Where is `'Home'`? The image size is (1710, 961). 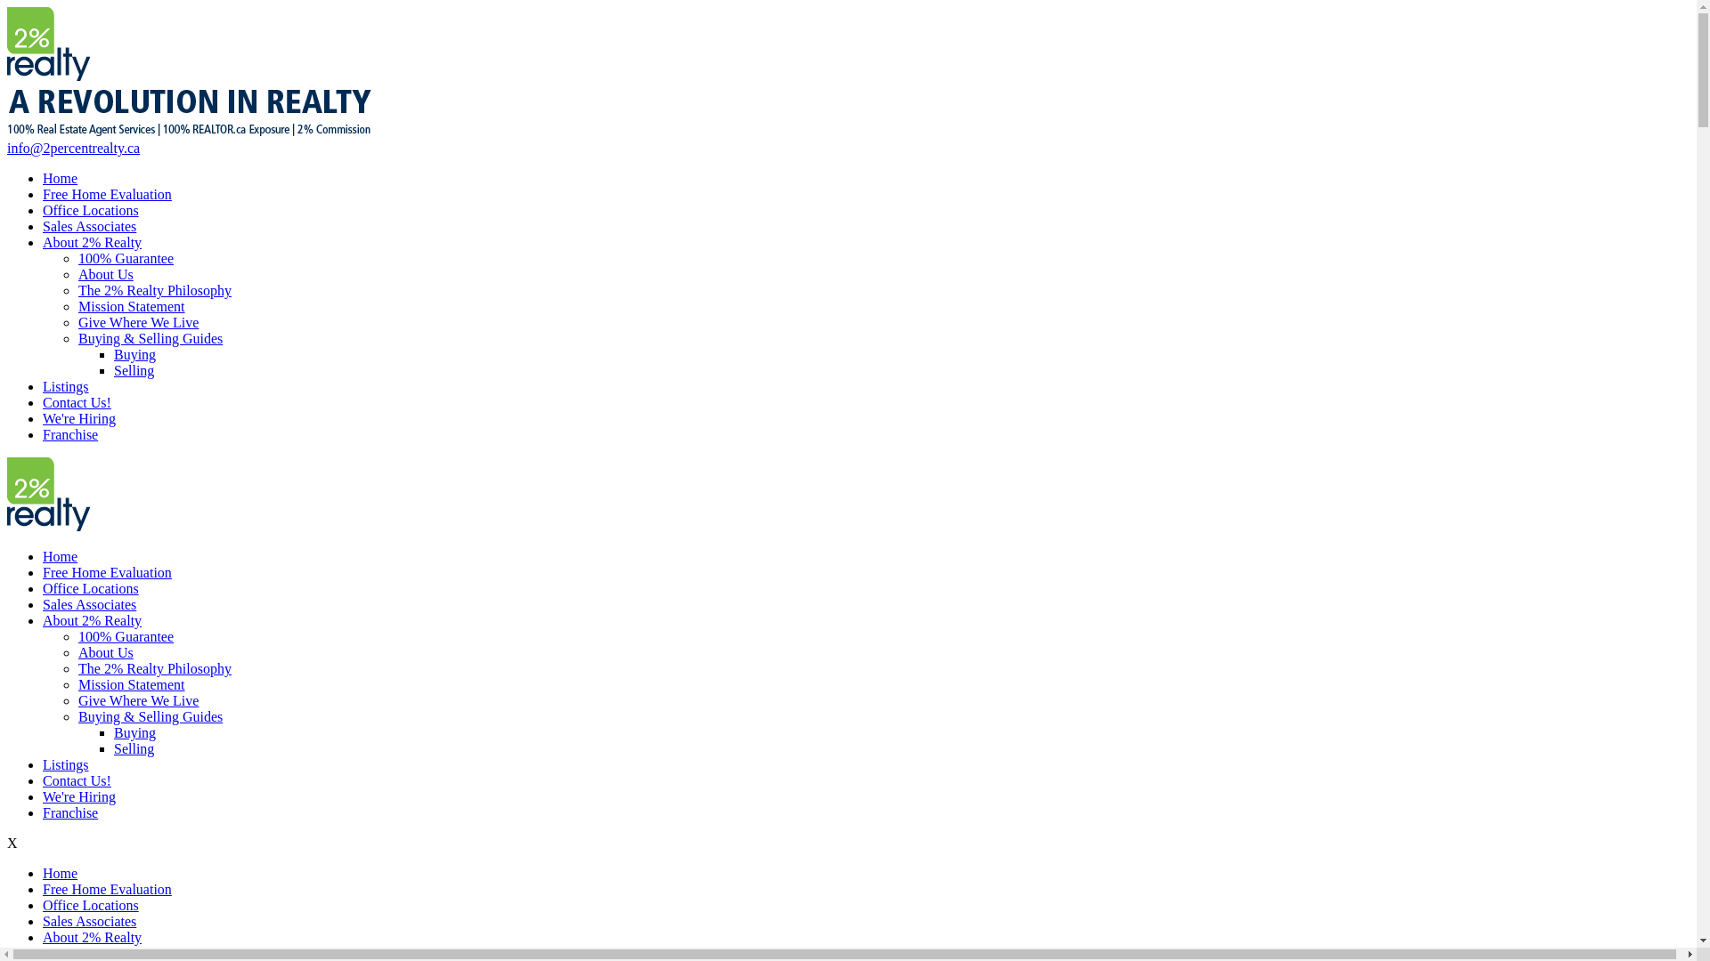 'Home' is located at coordinates (60, 555).